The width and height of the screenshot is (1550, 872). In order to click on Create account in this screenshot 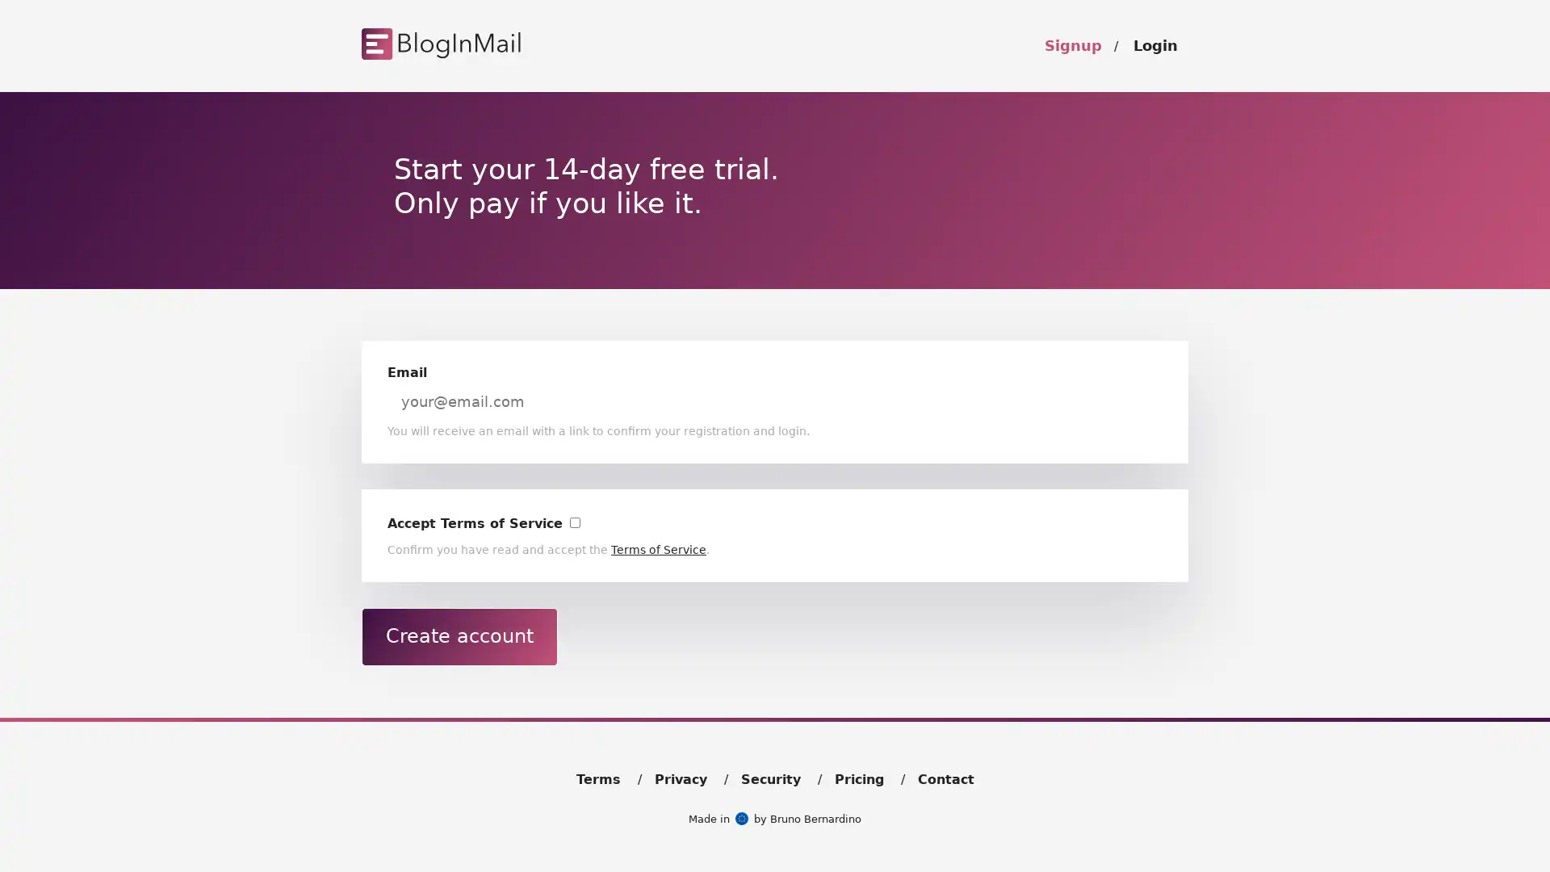, I will do `click(459, 635)`.